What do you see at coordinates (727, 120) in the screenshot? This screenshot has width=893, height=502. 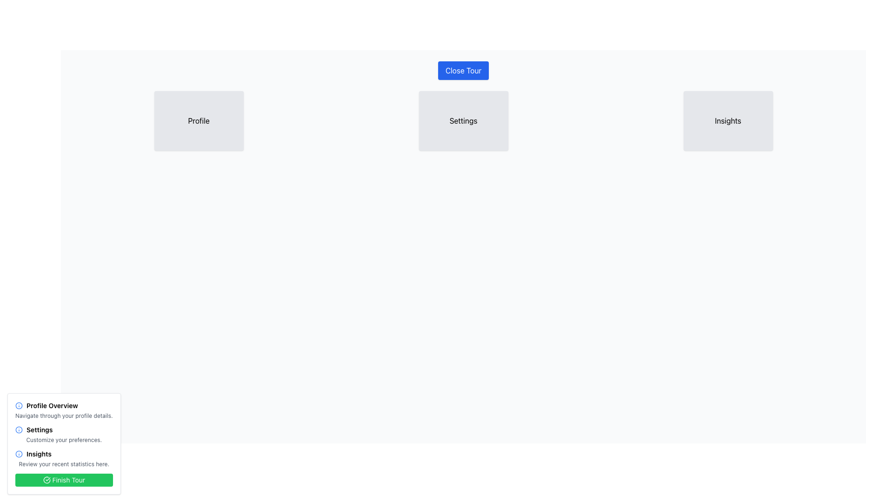 I see `the 'Insights' button, which is the rightmost of three panels labeled 'Profile', 'Settings', and 'Insights'` at bounding box center [727, 120].